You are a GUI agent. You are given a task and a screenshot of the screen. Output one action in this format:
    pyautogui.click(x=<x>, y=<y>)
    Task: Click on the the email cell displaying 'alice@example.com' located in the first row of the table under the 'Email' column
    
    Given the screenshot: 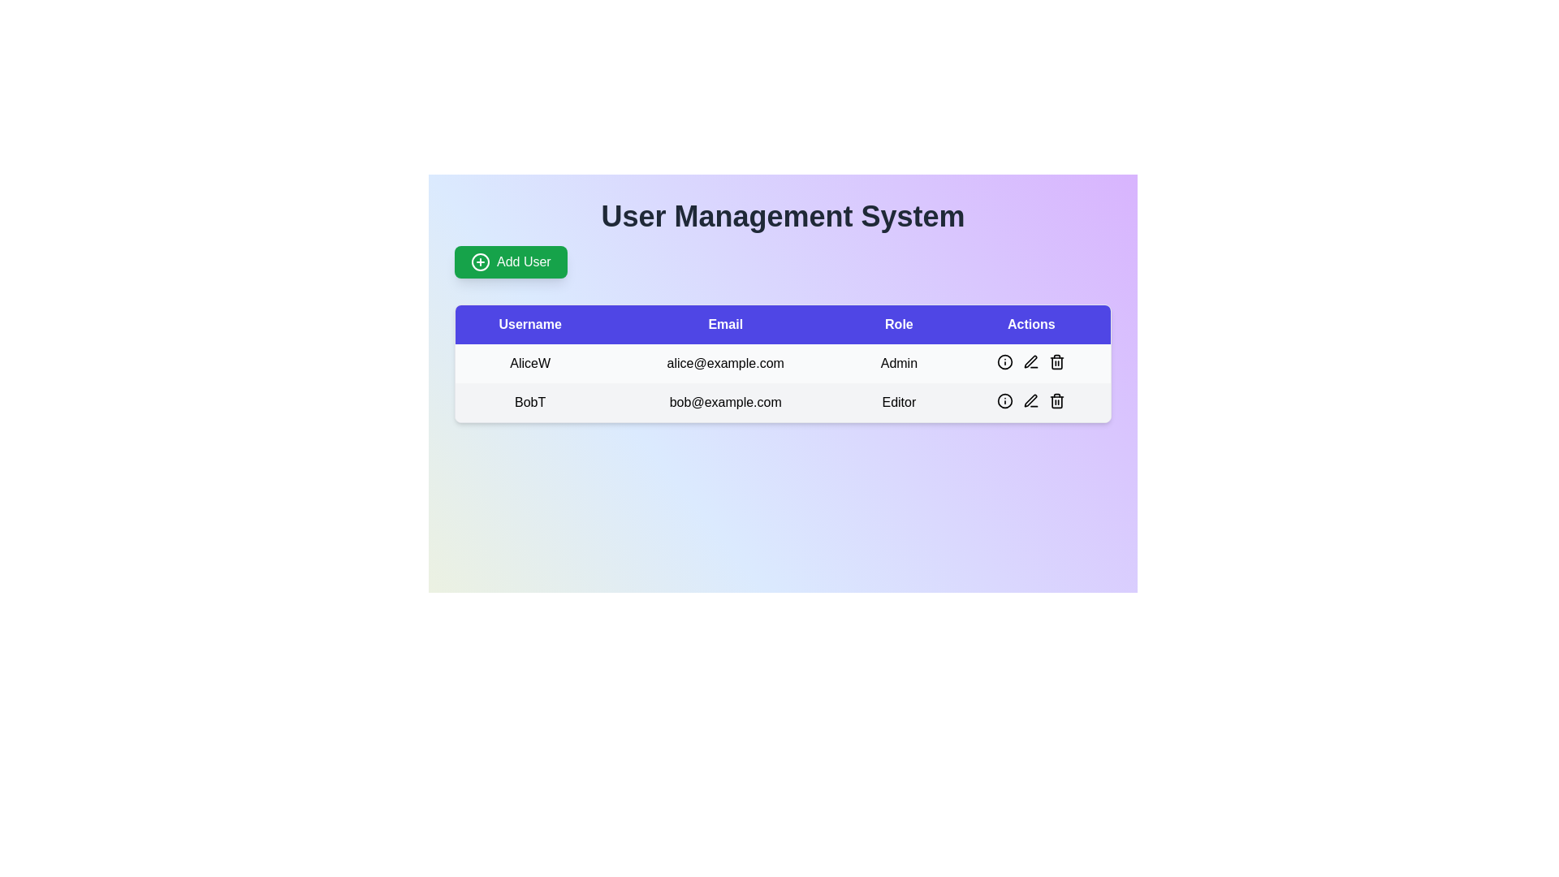 What is the action you would take?
    pyautogui.click(x=783, y=362)
    